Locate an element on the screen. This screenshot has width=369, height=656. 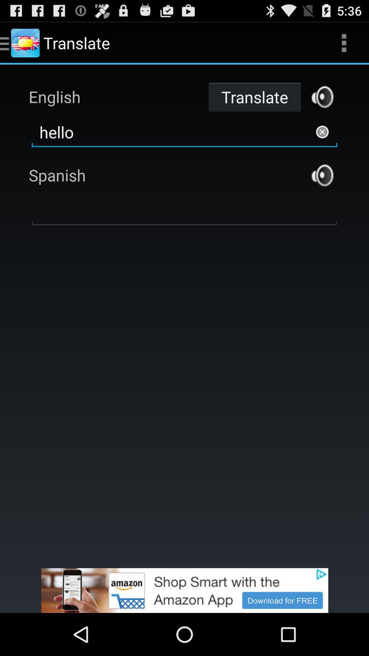
input word to translate is located at coordinates (184, 210).